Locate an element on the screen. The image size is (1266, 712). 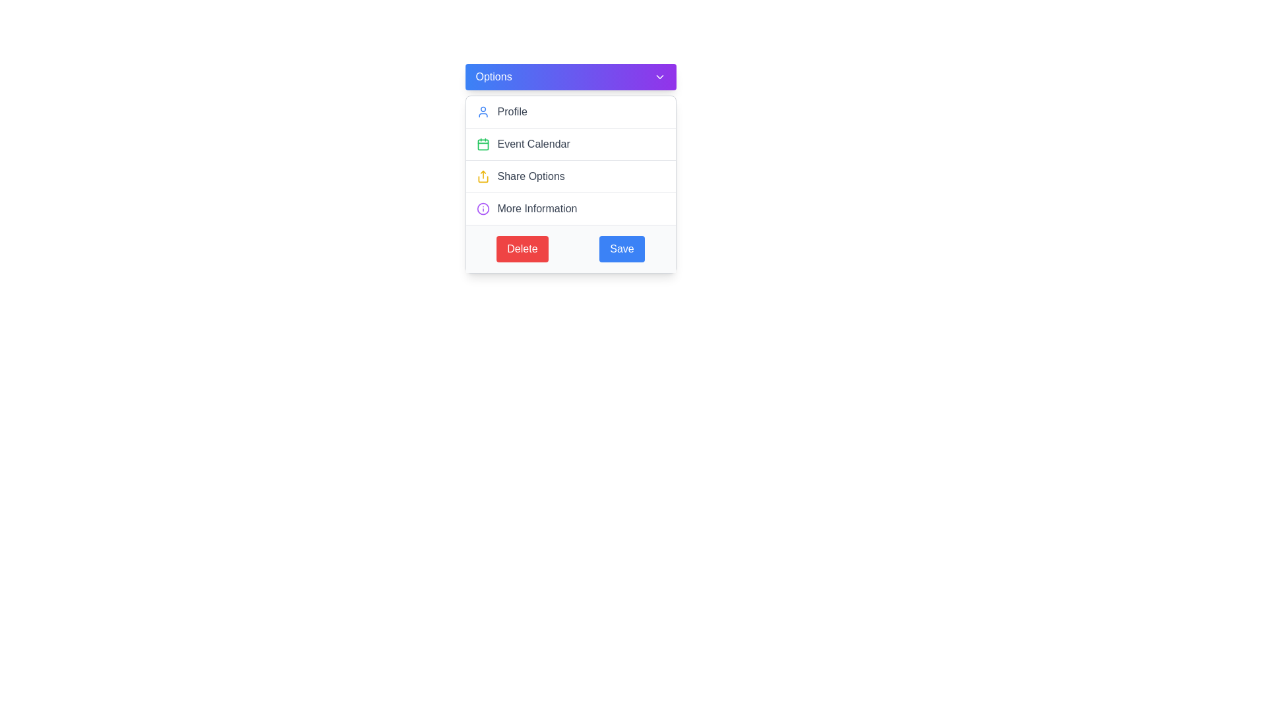
the decorative circle icon within the SVG that is adjacent to the 'More Information' menu item is located at coordinates (482, 208).